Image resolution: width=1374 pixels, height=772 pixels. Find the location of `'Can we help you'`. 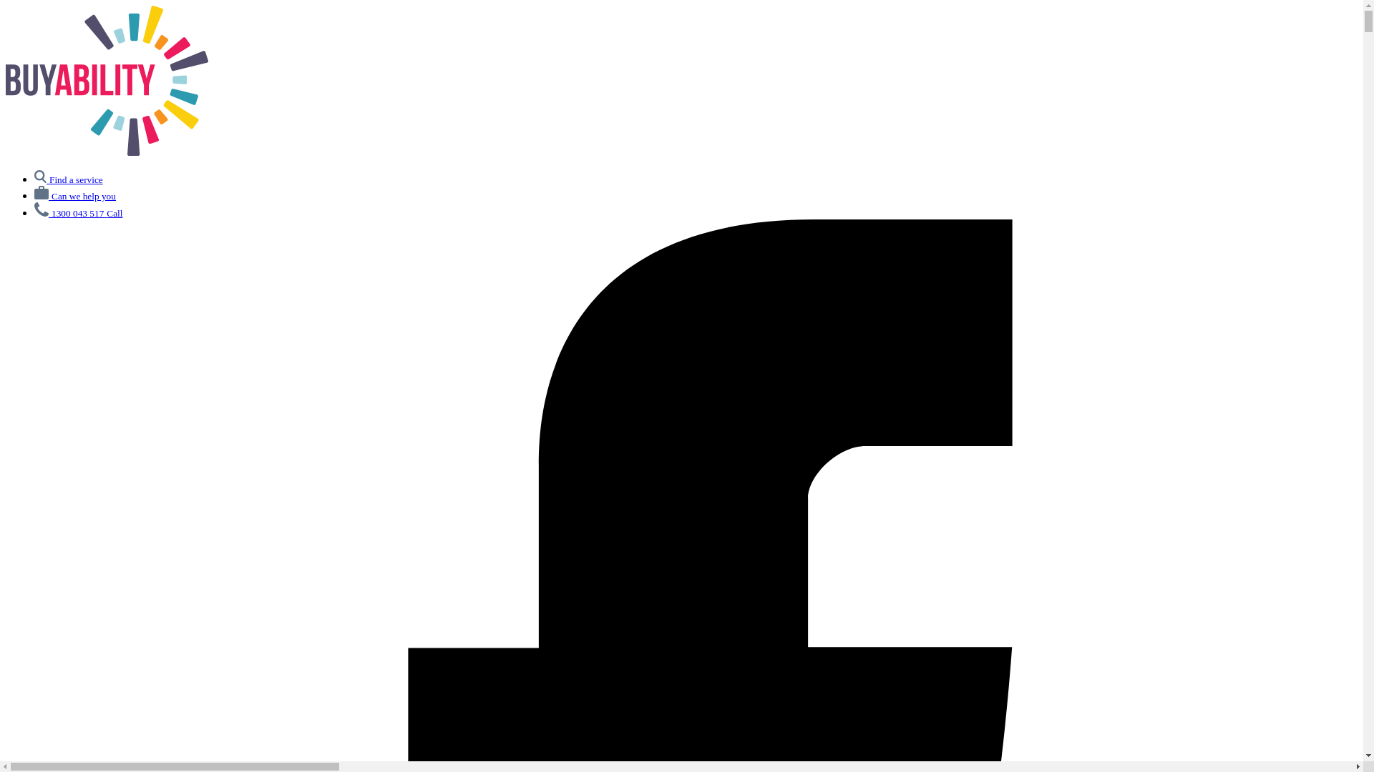

'Can we help you' is located at coordinates (74, 195).